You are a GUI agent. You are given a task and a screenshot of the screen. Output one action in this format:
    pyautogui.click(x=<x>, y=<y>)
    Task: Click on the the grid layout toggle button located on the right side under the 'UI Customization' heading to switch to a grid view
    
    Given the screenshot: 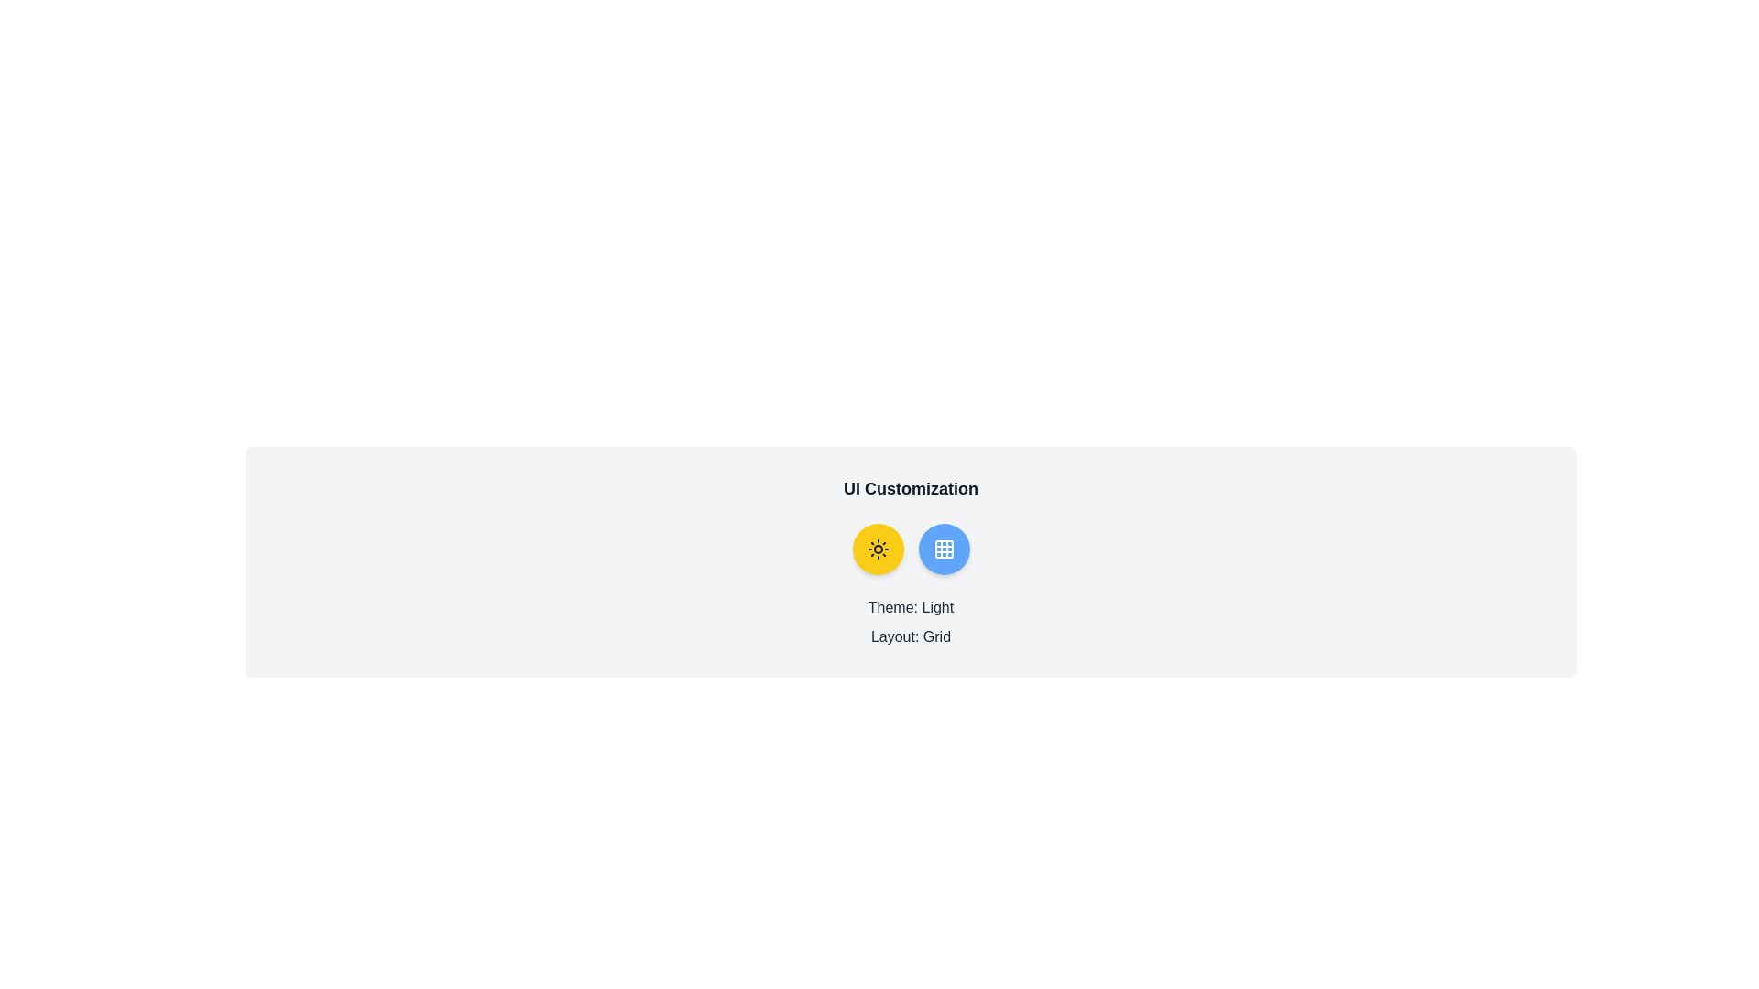 What is the action you would take?
    pyautogui.click(x=944, y=549)
    